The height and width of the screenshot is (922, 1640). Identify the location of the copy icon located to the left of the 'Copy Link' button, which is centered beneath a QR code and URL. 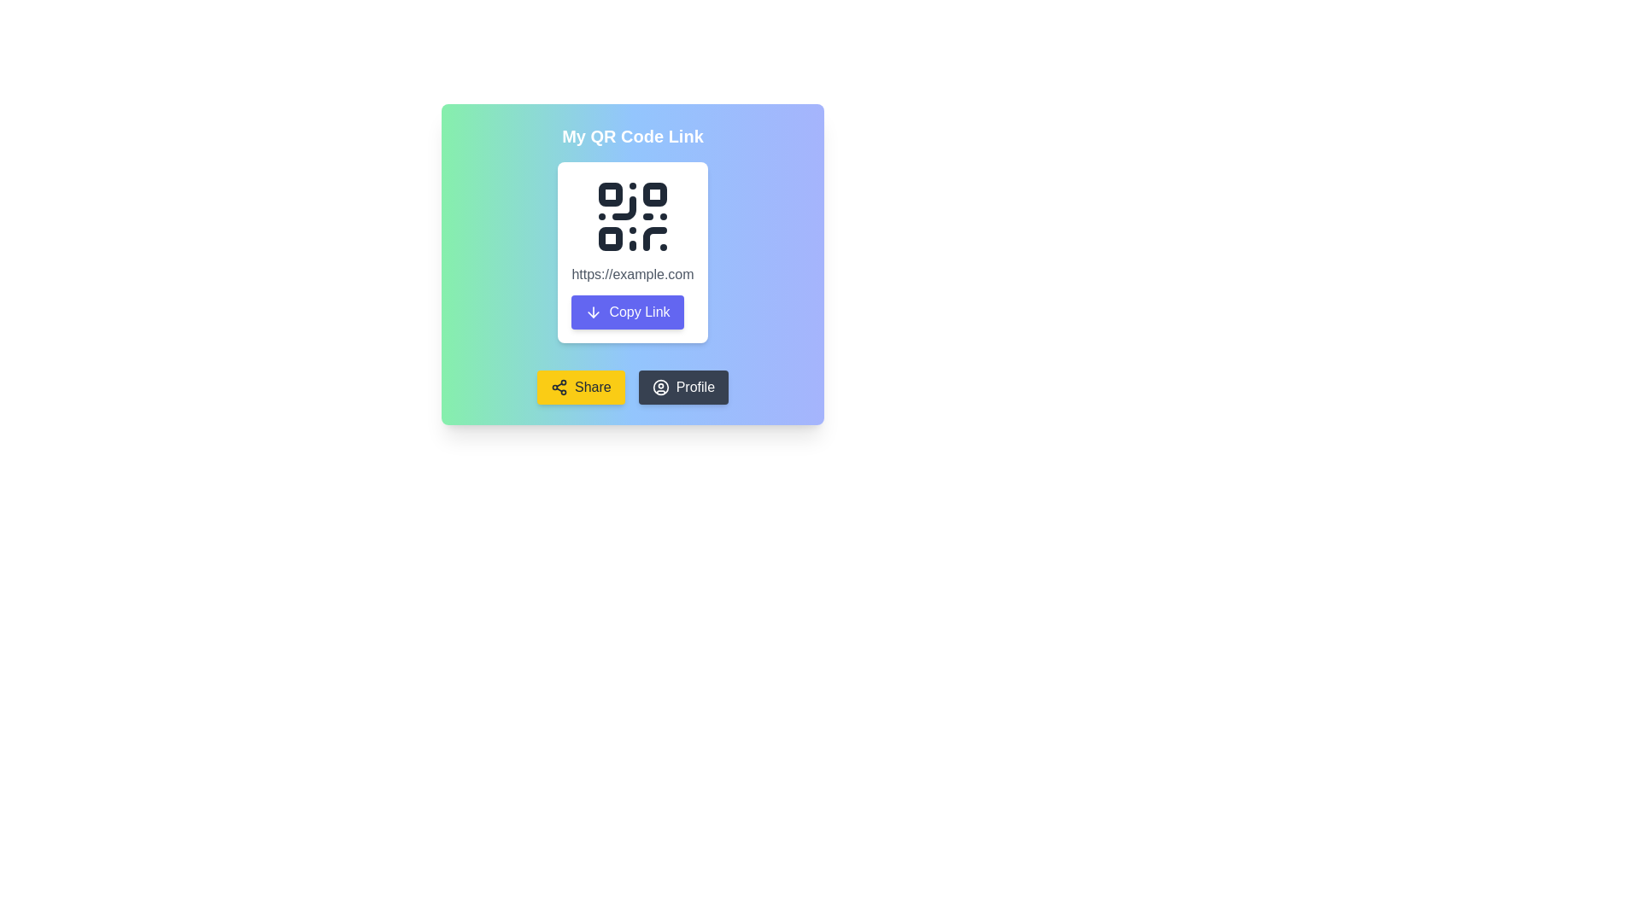
(594, 312).